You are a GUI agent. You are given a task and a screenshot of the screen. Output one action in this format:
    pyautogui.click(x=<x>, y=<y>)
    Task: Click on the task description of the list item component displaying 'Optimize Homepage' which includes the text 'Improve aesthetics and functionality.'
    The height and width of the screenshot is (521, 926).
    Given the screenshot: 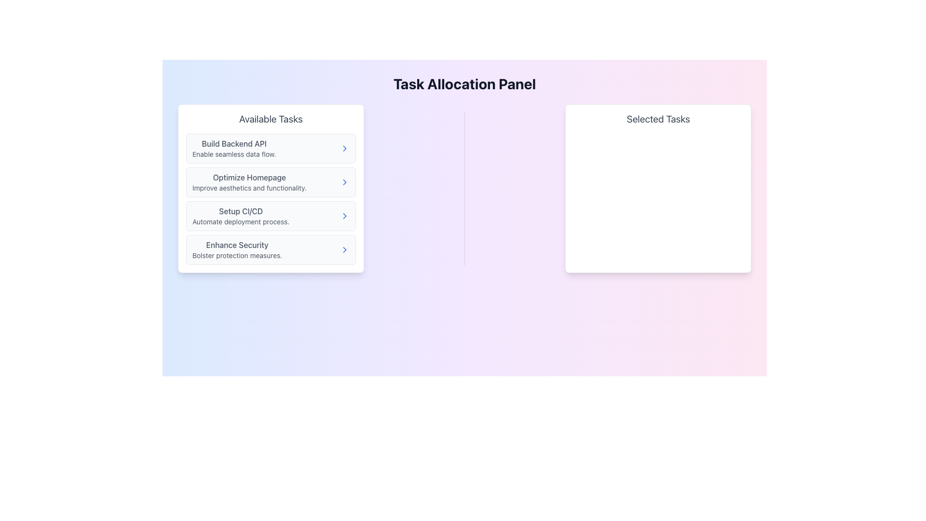 What is the action you would take?
    pyautogui.click(x=270, y=182)
    